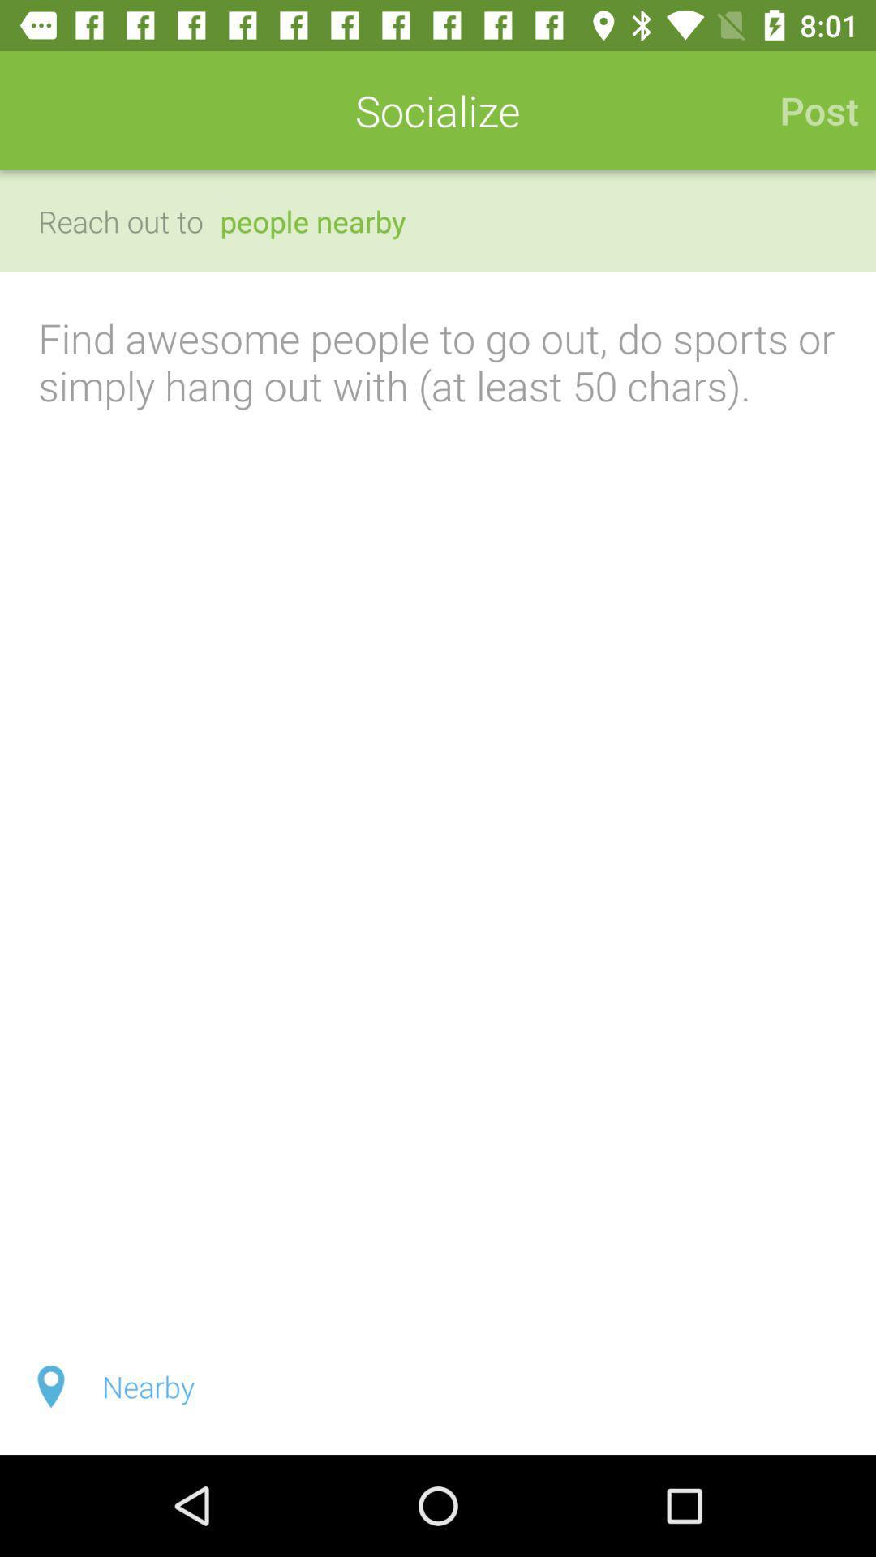 This screenshot has width=876, height=1557. I want to click on the icon to the right of socialize icon, so click(810, 109).